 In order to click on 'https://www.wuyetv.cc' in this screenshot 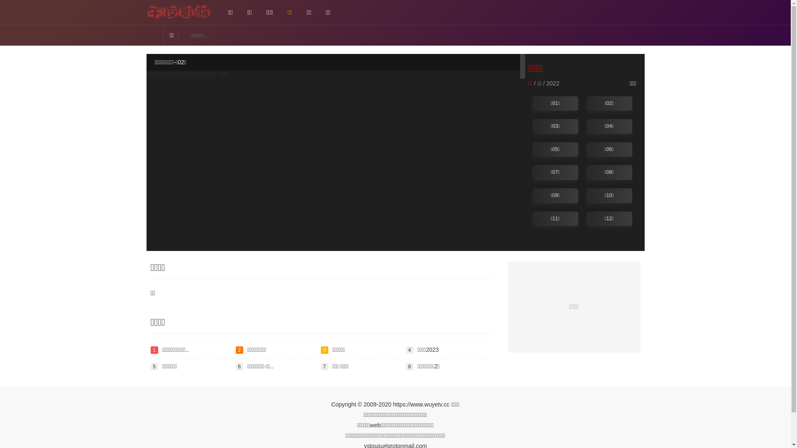, I will do `click(421, 404)`.